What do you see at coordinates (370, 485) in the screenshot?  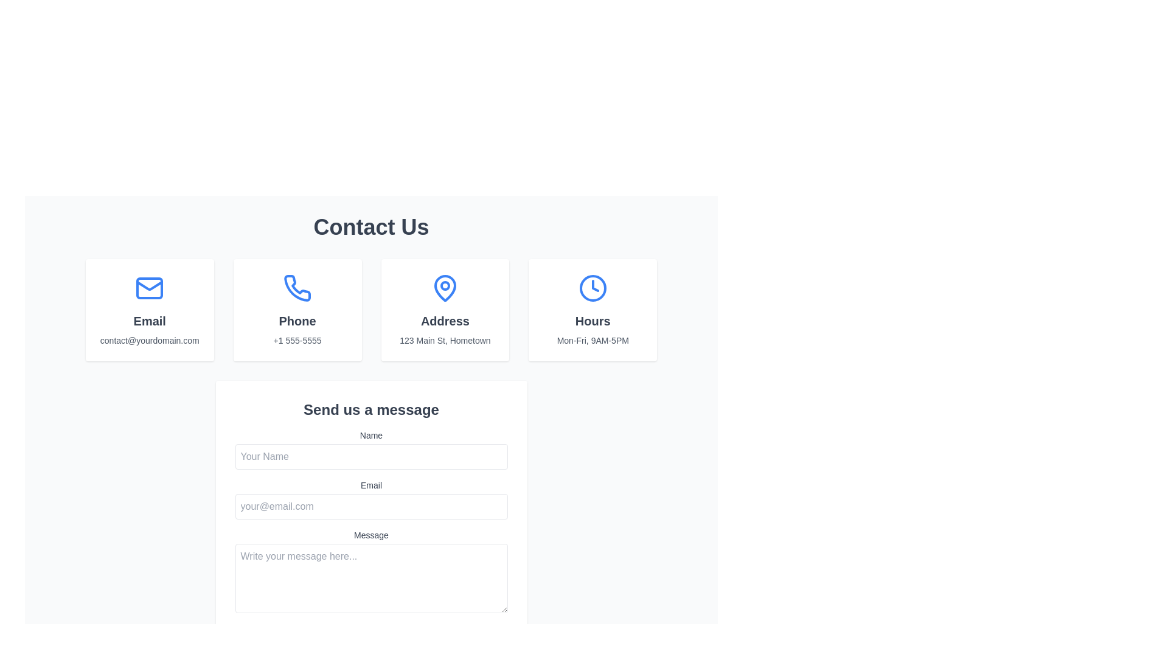 I see `the 'Email' label element, which displays the word 'Email' in a medium-sized, gray font above the email input field in the contact form` at bounding box center [370, 485].